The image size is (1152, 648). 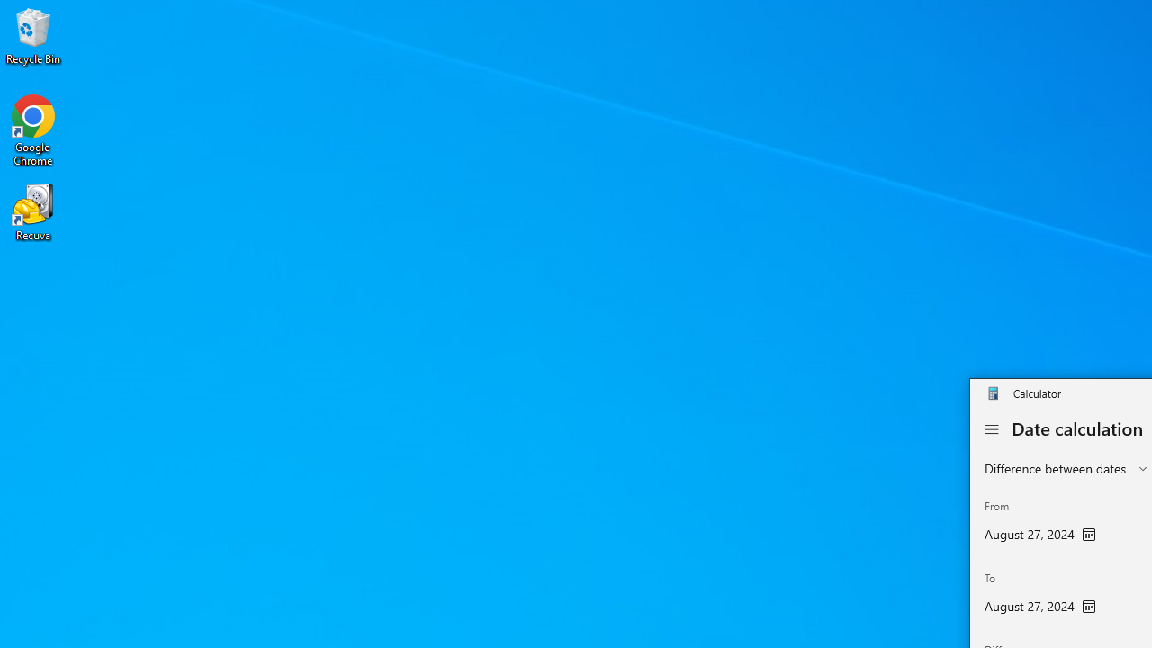 I want to click on 'Difference between dates', so click(x=1056, y=467).